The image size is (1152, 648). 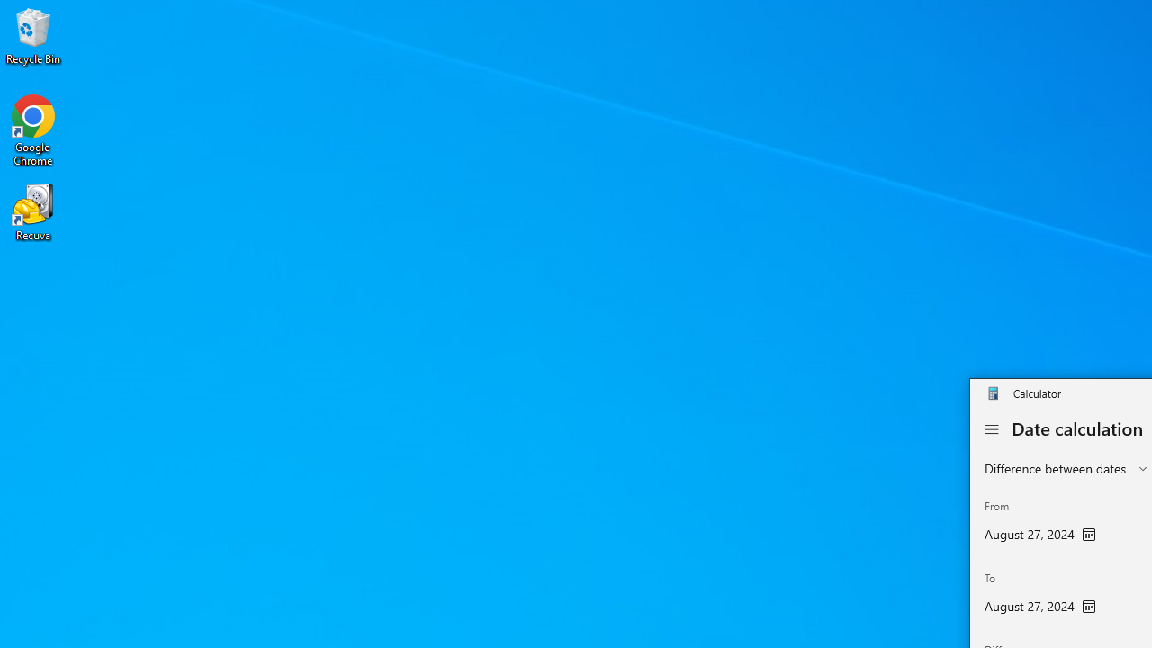 I want to click on 'Difference between dates', so click(x=1056, y=467).